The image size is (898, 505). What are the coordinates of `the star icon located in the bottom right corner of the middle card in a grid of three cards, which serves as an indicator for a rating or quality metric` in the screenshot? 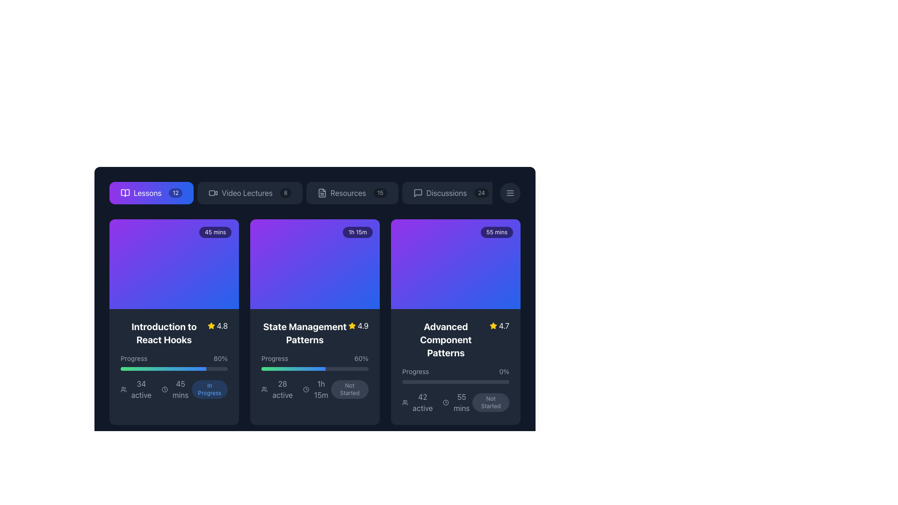 It's located at (492, 325).